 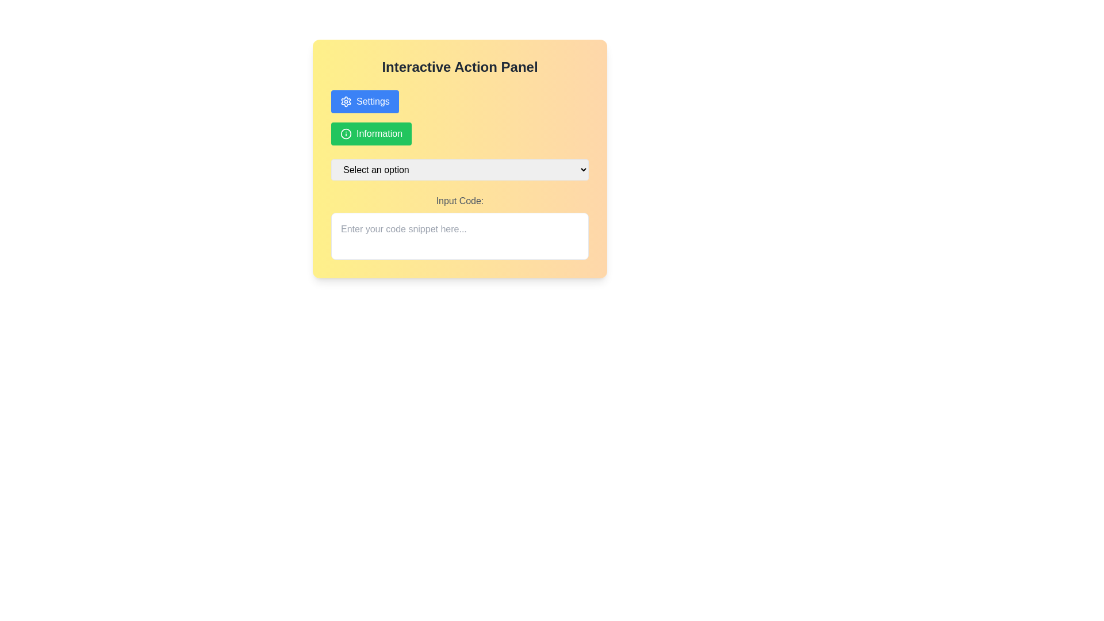 I want to click on the blue cogwheel-shaped icon inside the 'Settings' button, so click(x=345, y=101).